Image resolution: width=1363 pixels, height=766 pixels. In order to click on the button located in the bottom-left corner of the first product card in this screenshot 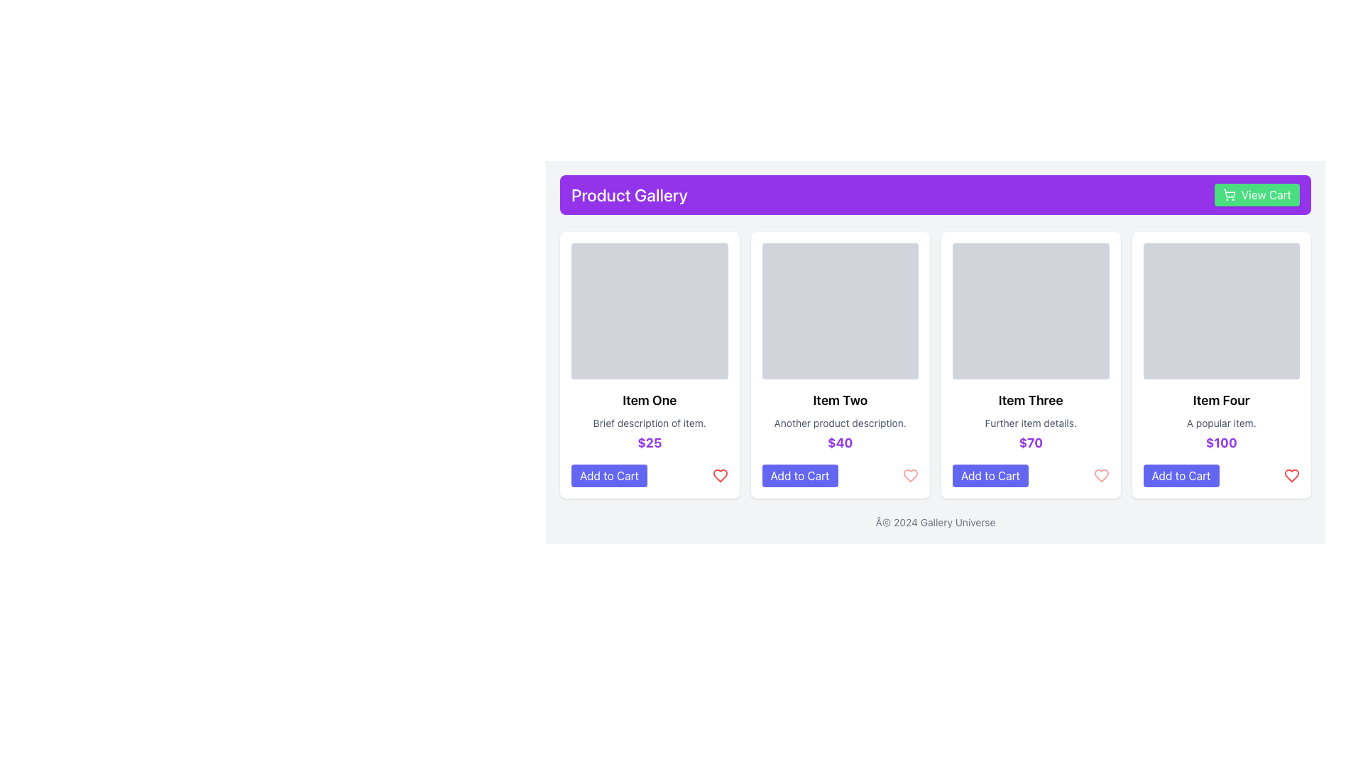, I will do `click(609, 476)`.